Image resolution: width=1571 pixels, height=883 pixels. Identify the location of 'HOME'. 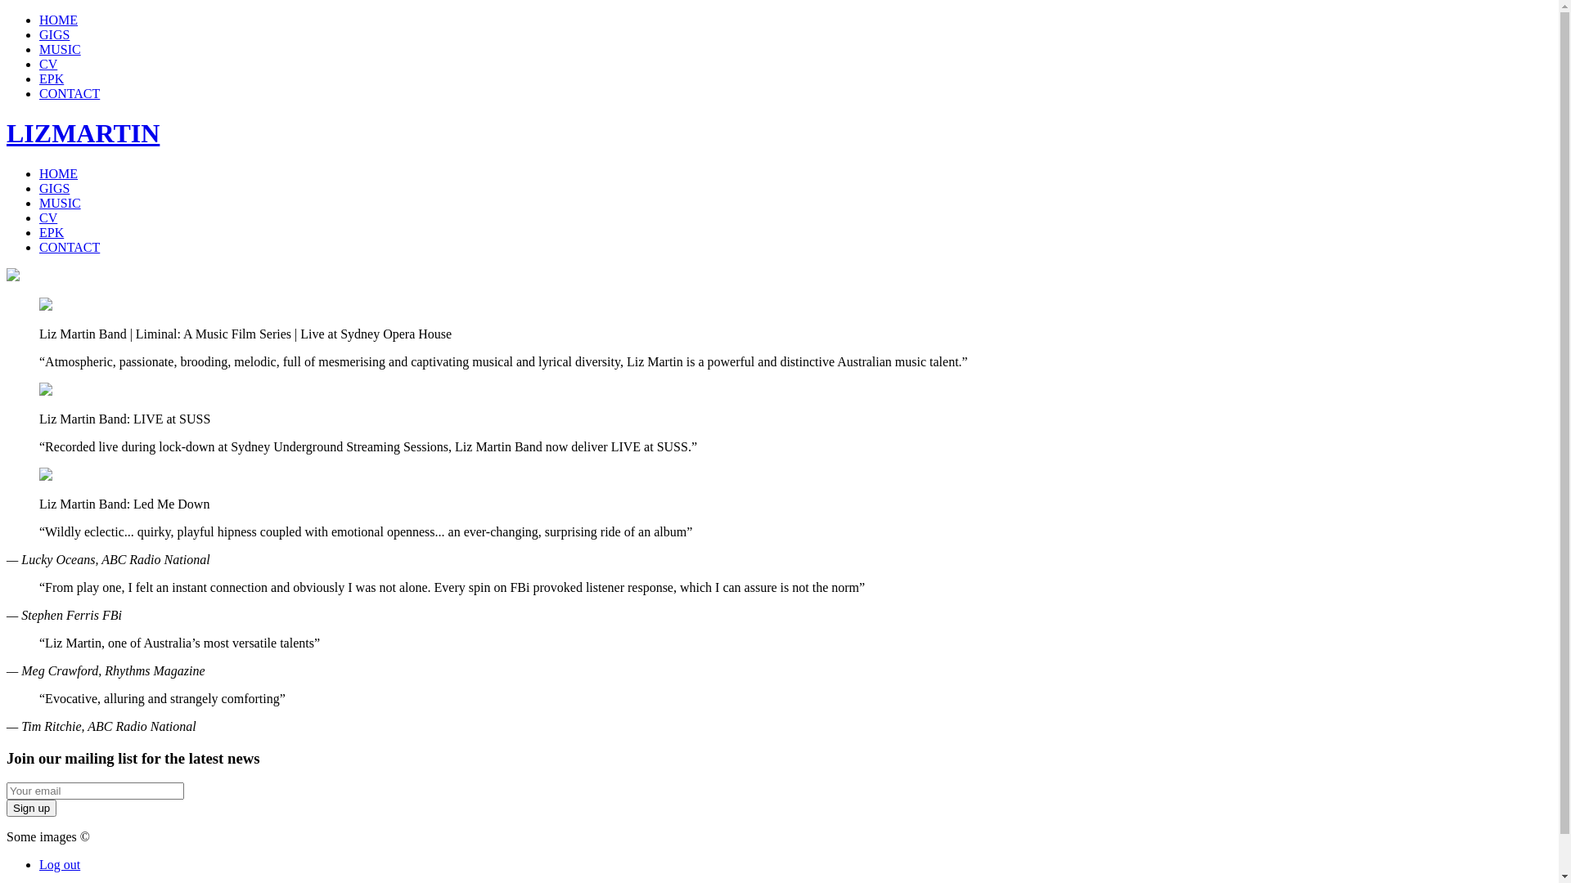
(58, 20).